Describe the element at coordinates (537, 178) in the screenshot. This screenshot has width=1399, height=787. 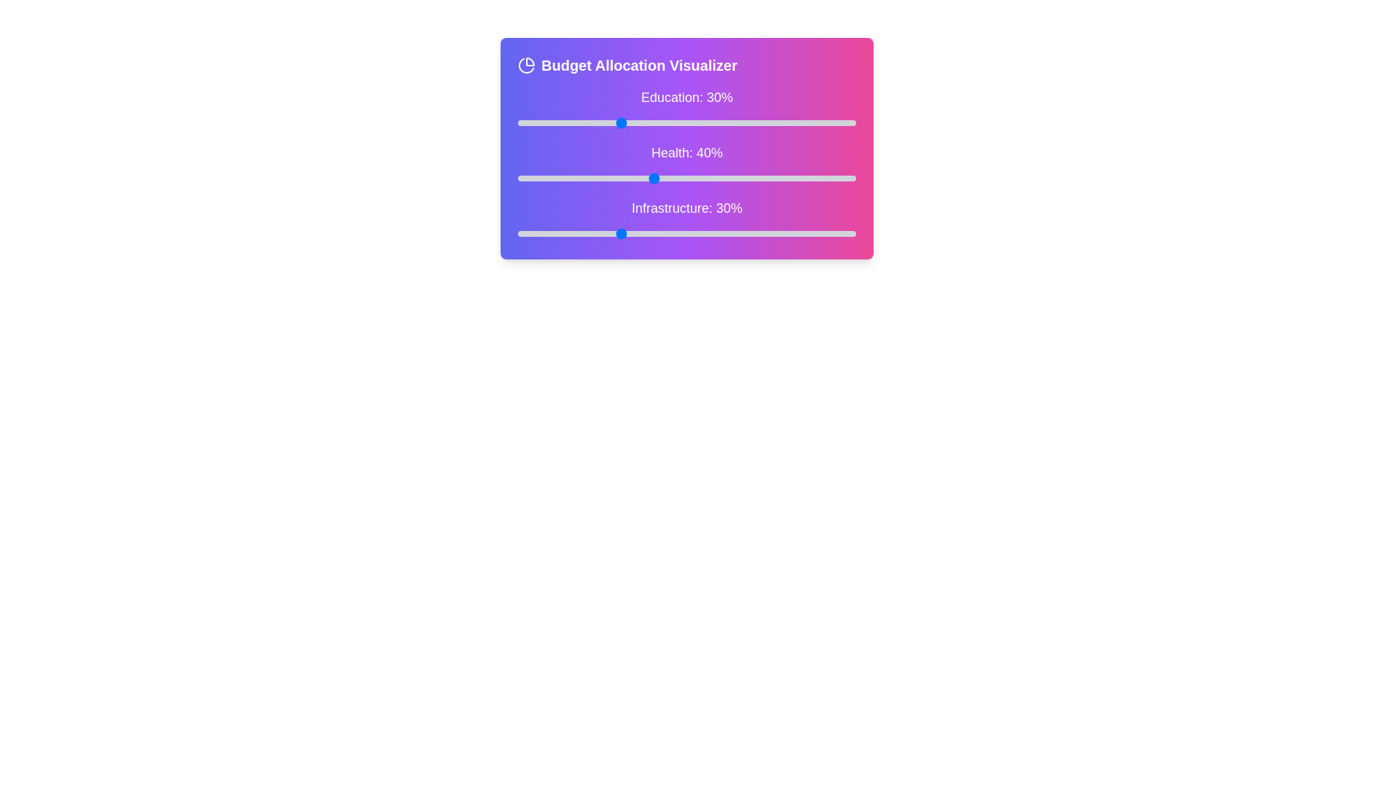
I see `health allocation` at that location.